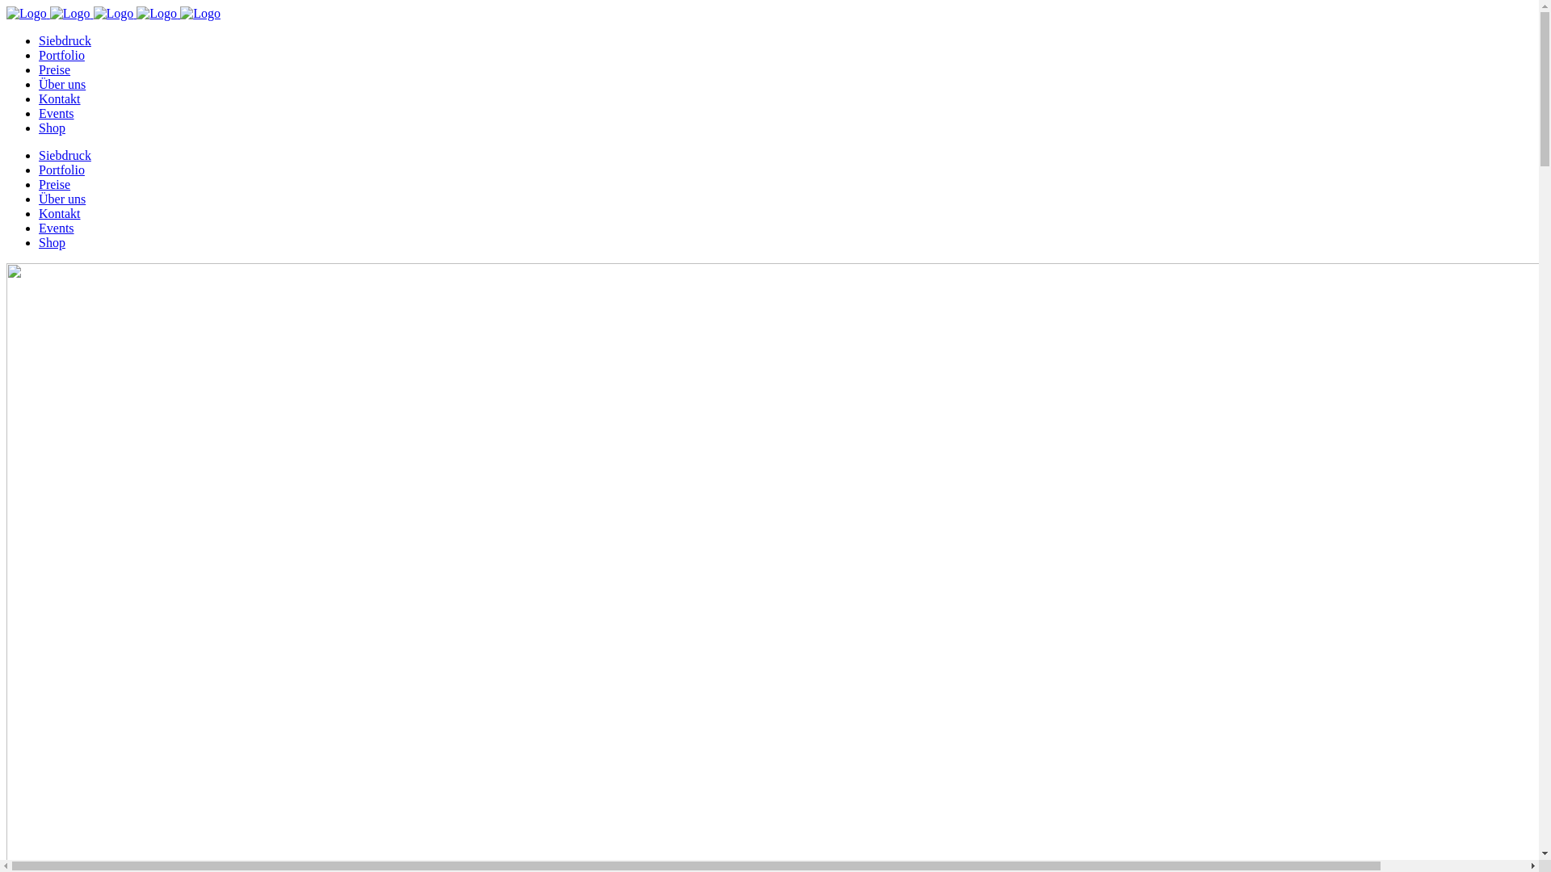  What do you see at coordinates (39, 183) in the screenshot?
I see `'Preise'` at bounding box center [39, 183].